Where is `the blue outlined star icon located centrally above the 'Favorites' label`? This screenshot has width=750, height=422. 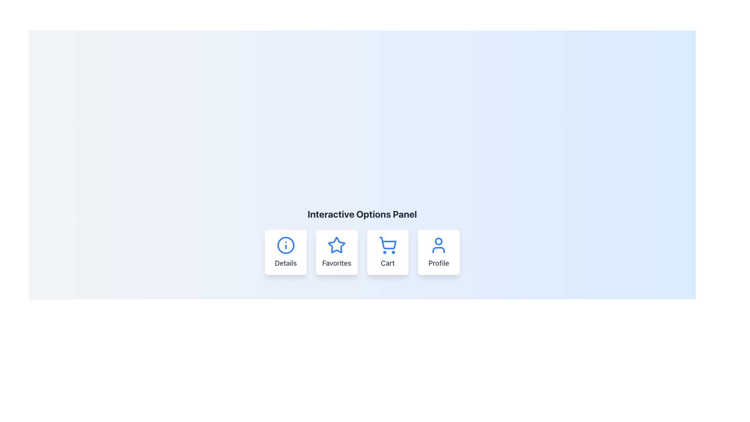
the blue outlined star icon located centrally above the 'Favorites' label is located at coordinates (337, 245).